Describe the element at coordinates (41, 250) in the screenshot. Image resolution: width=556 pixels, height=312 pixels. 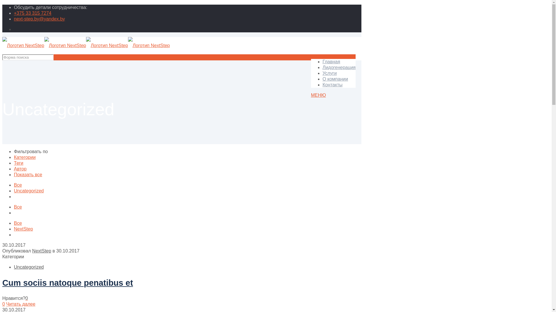
I see `'NextStep'` at that location.